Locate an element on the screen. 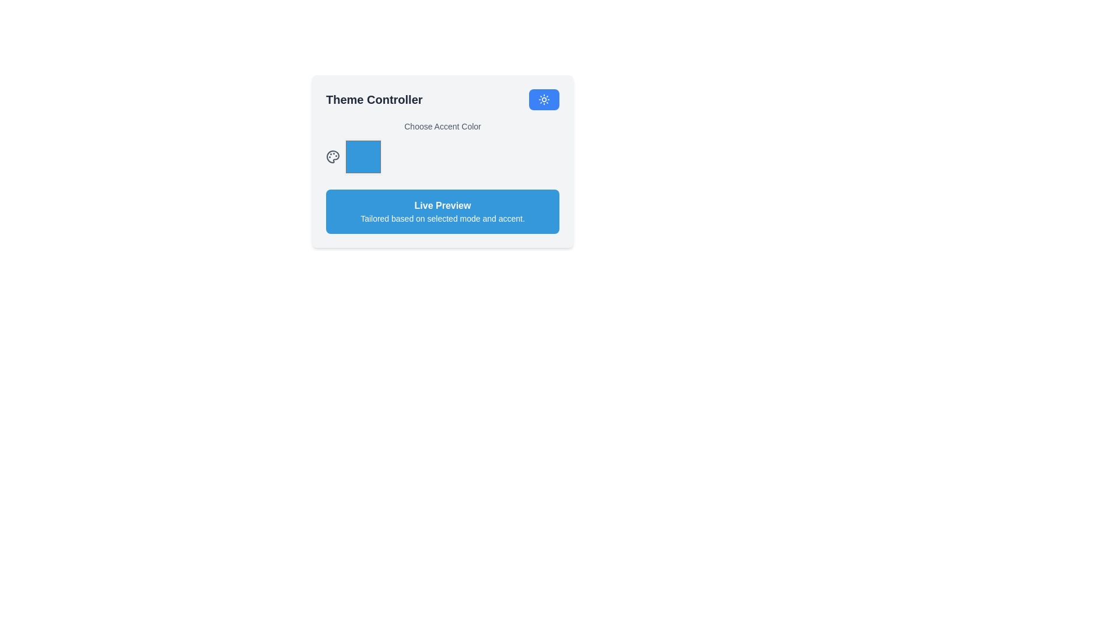 This screenshot has height=630, width=1120. the icon embedded in the circular blue button located at the top-right corner of the 'Theme Controller' panel is located at coordinates (543, 99).